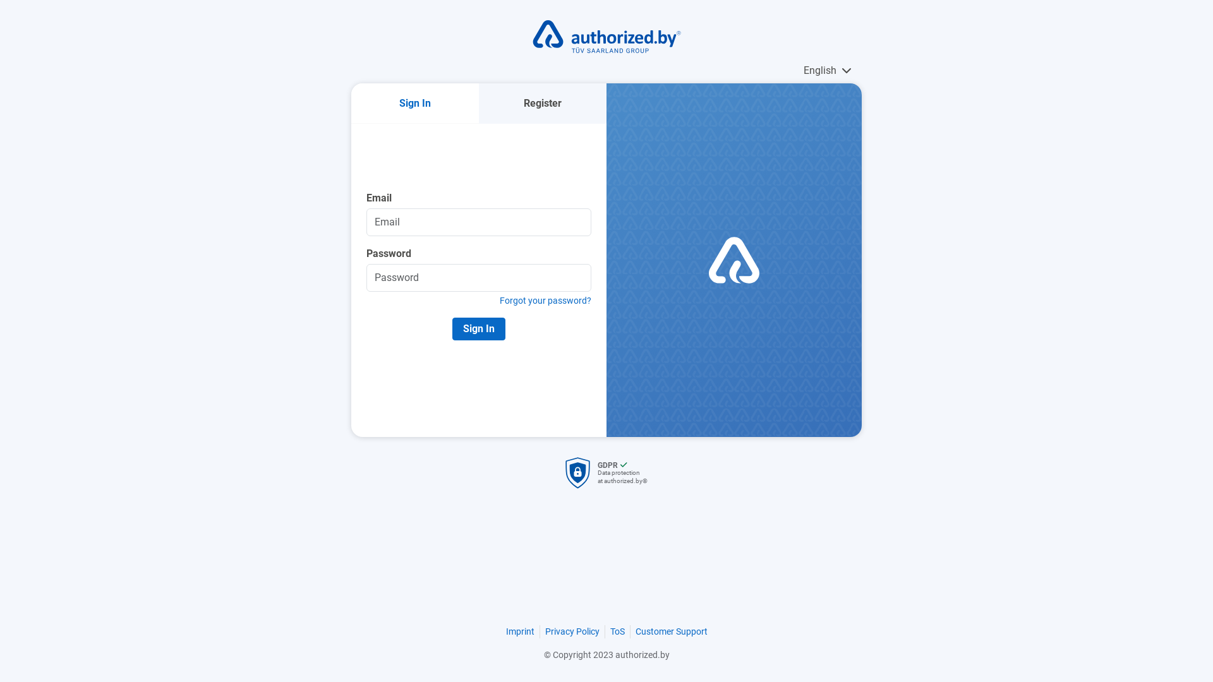  I want to click on 'ToS', so click(617, 631).